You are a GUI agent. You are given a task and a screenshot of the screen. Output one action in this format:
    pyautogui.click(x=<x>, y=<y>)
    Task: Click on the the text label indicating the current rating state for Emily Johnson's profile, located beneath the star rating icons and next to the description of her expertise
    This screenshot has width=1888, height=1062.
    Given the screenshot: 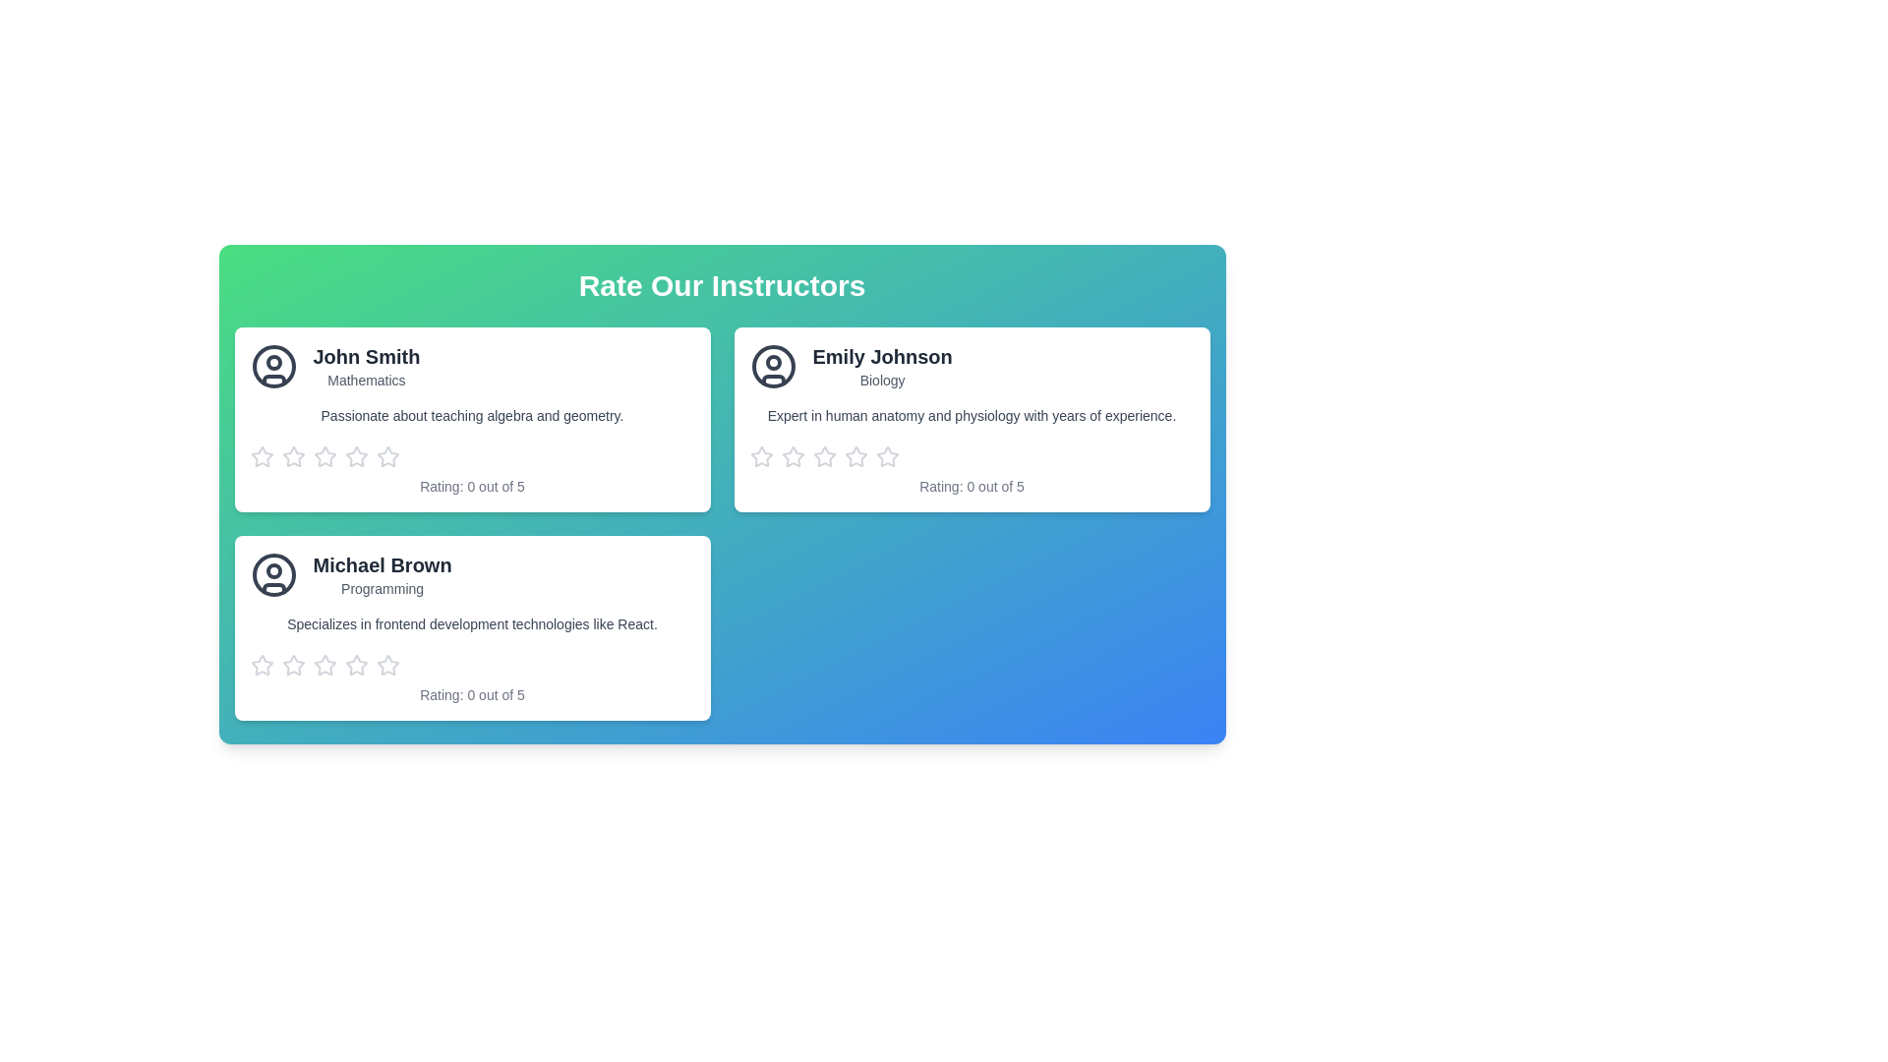 What is the action you would take?
    pyautogui.click(x=972, y=486)
    